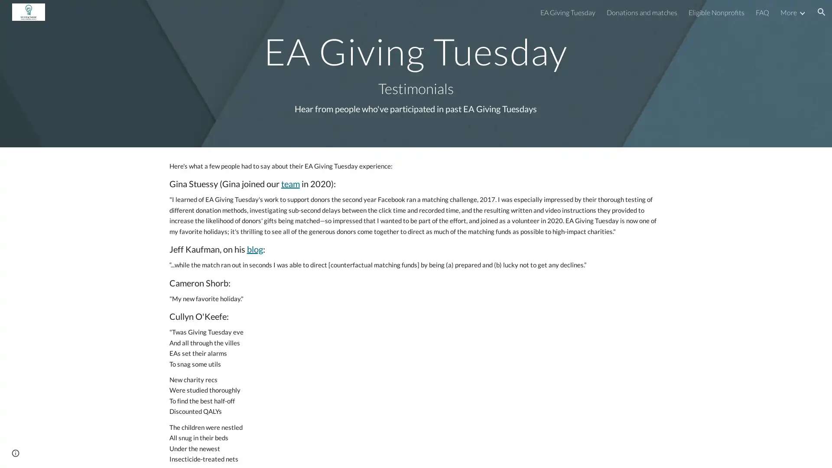 The height and width of the screenshot is (468, 832). I want to click on Copy heading link, so click(347, 183).